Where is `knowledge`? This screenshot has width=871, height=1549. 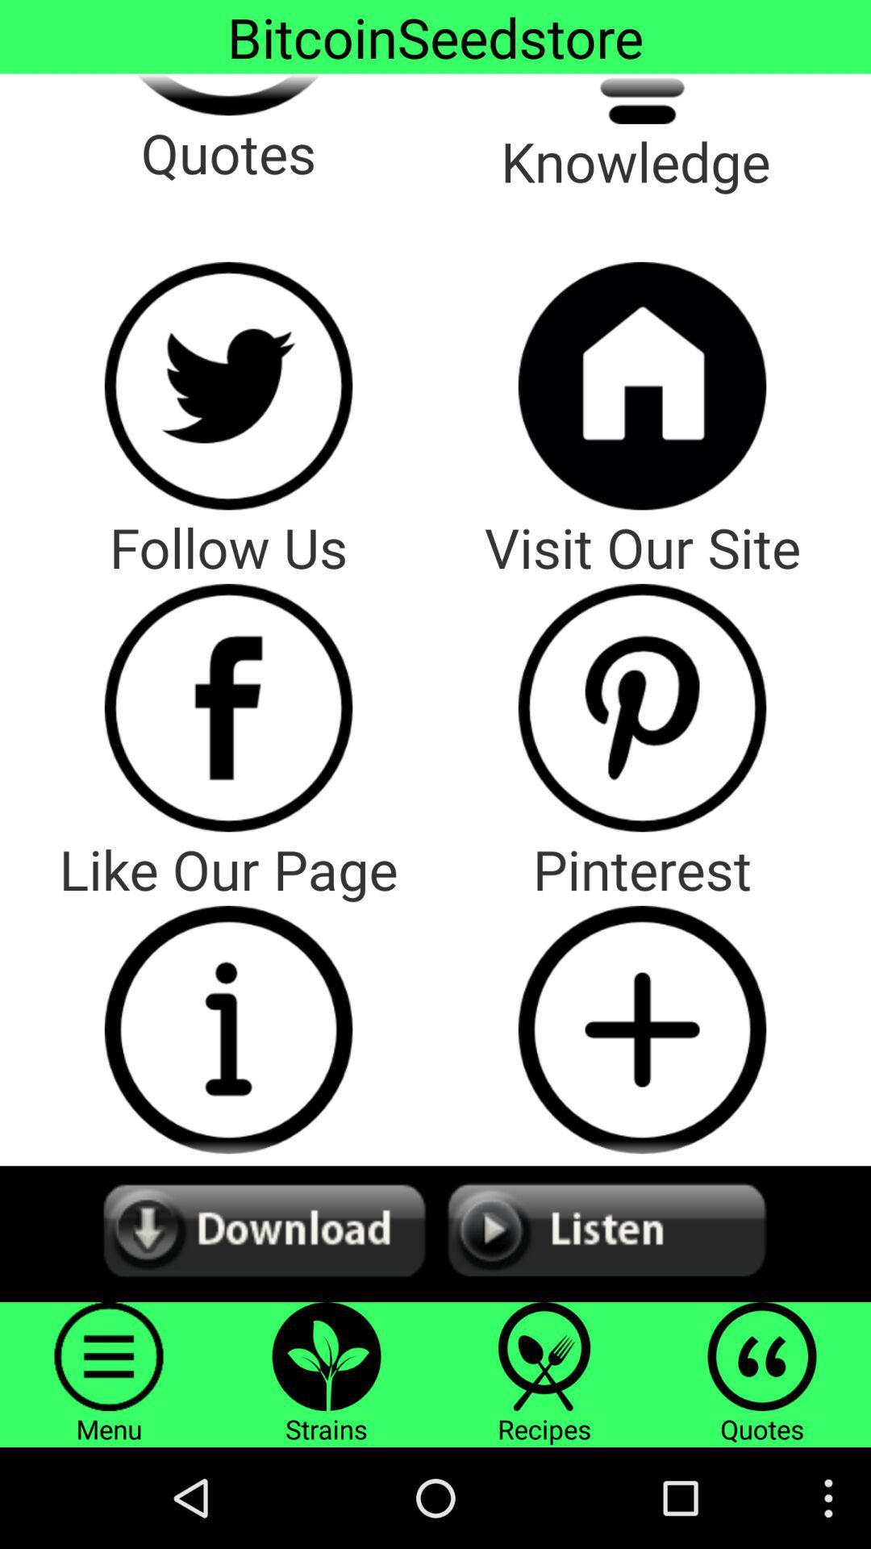
knowledge is located at coordinates (641, 98).